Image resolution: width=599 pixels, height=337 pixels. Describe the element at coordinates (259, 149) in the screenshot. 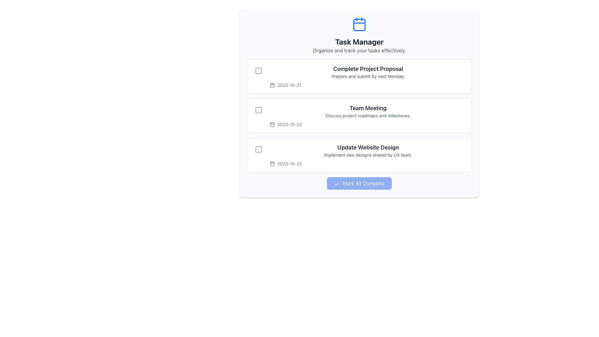

I see `the interactive checkbox in the third task block under the 'Task Manager' header` at that location.